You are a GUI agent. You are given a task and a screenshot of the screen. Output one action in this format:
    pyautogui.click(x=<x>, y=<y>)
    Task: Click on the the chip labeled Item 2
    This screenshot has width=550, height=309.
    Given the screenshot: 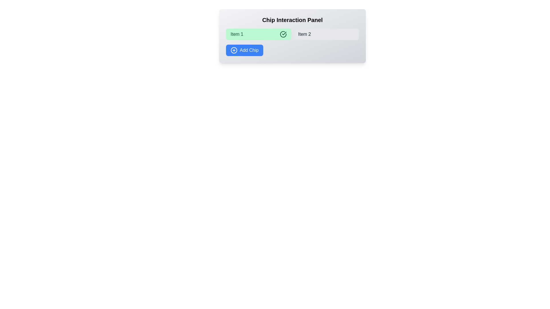 What is the action you would take?
    pyautogui.click(x=326, y=34)
    